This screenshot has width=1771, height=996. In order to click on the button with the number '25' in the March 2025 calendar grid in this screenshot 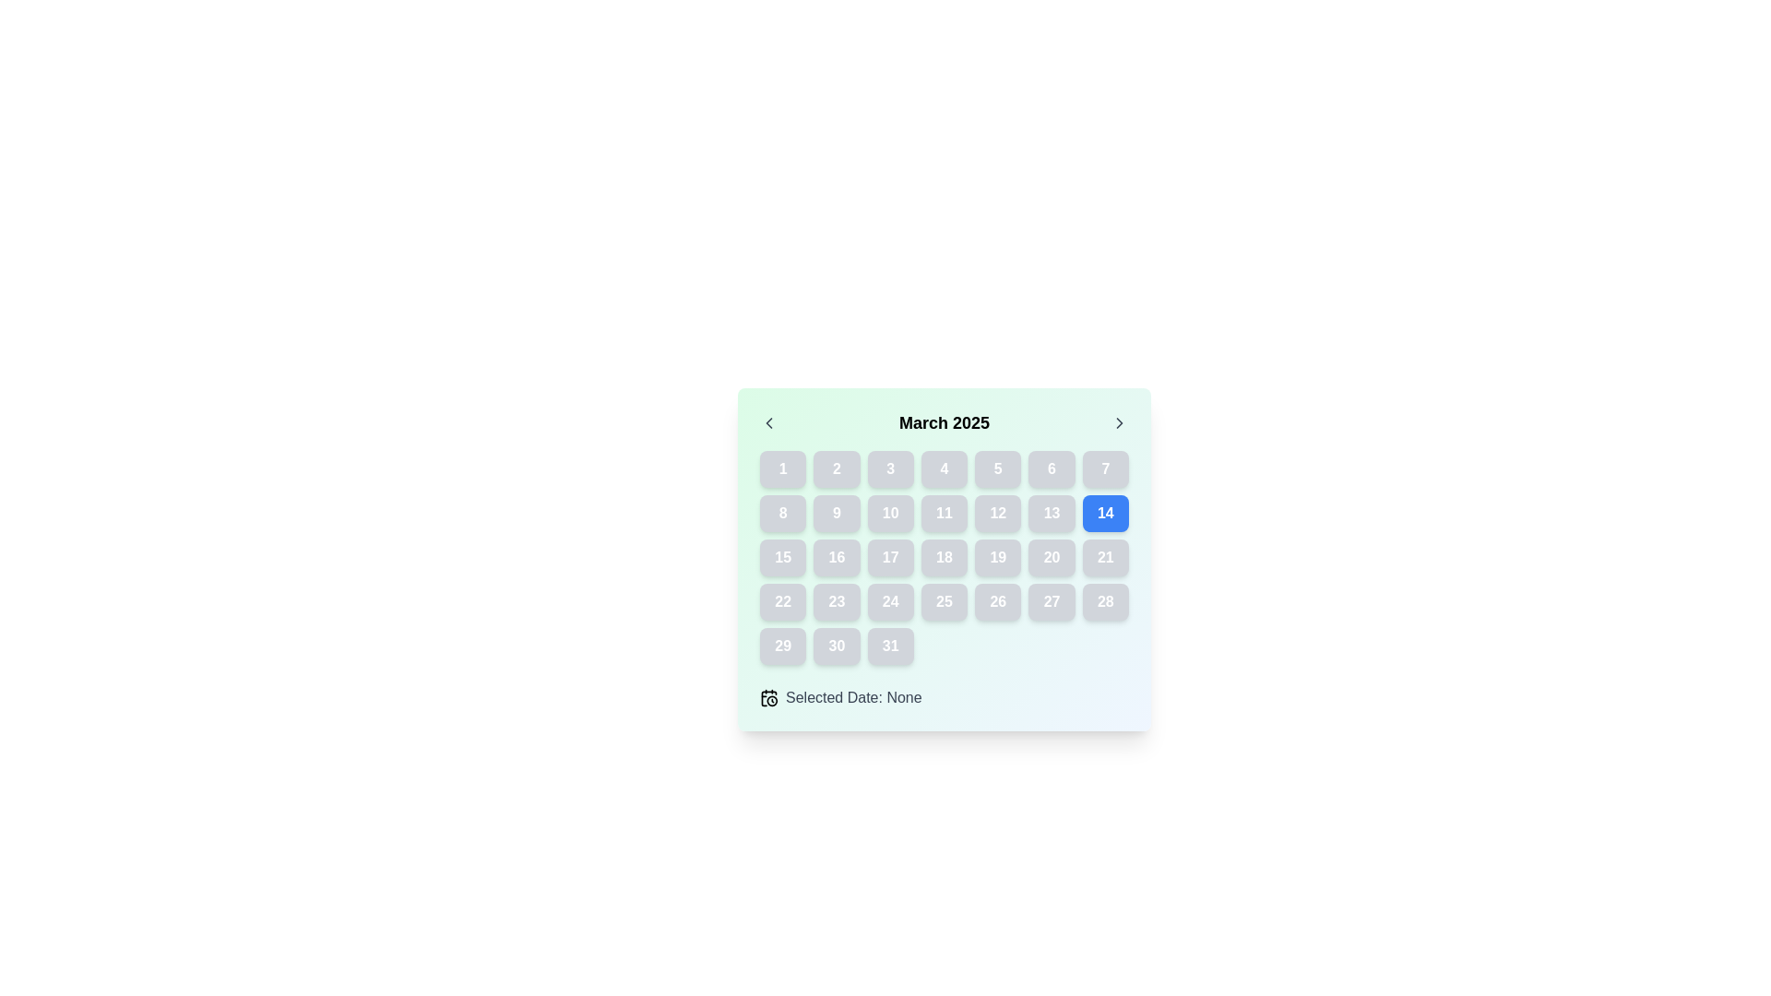, I will do `click(944, 601)`.